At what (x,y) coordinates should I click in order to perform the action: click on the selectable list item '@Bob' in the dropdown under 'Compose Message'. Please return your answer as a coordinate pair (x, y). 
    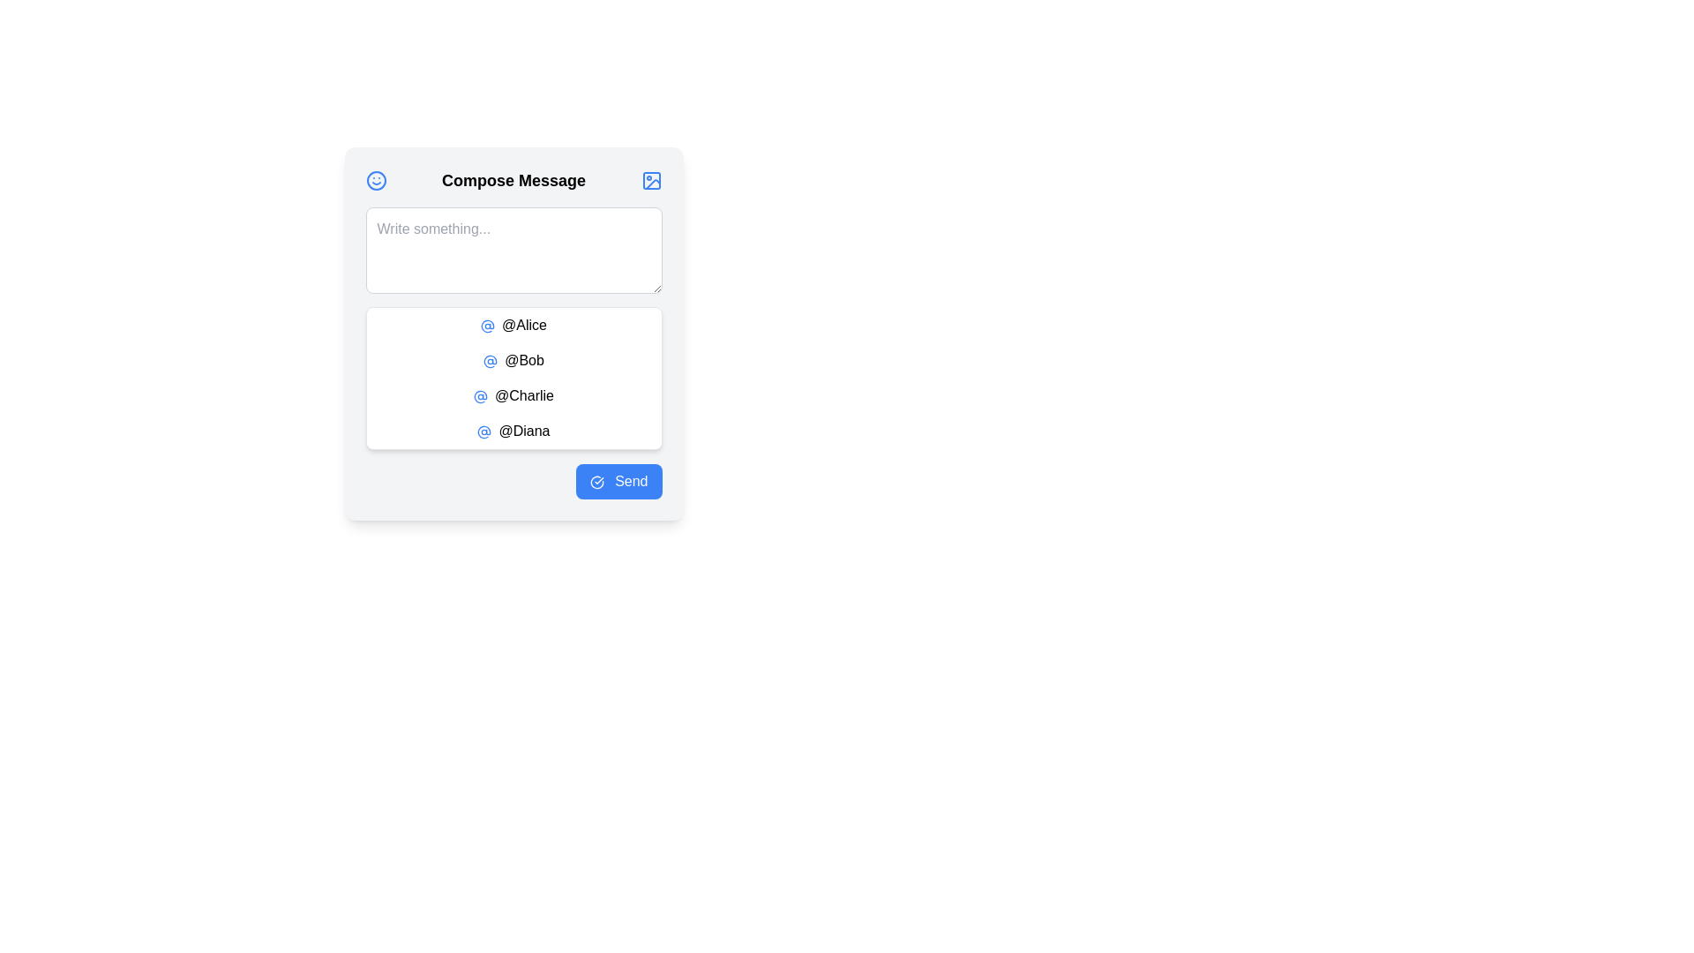
    Looking at the image, I should click on (513, 359).